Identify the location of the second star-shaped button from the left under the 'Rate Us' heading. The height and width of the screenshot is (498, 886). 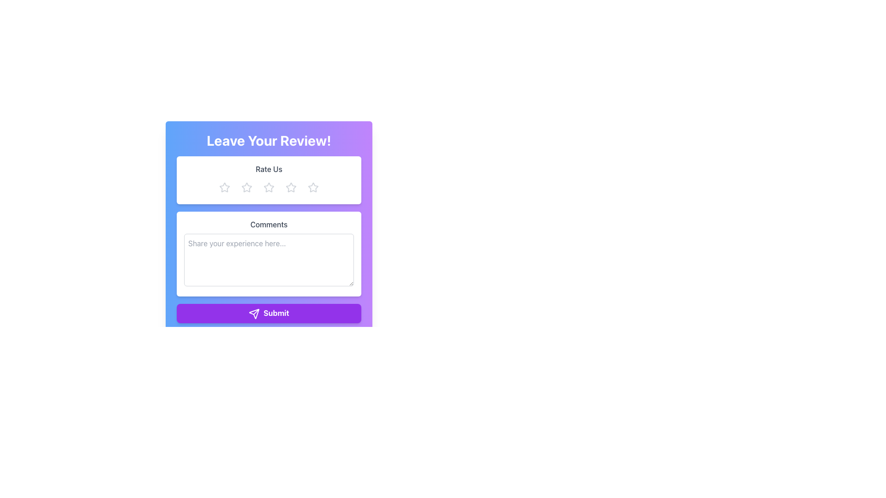
(246, 187).